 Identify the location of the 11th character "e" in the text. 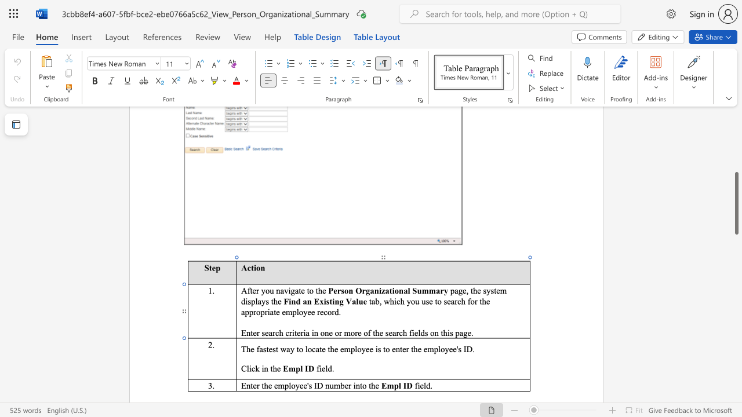
(425, 348).